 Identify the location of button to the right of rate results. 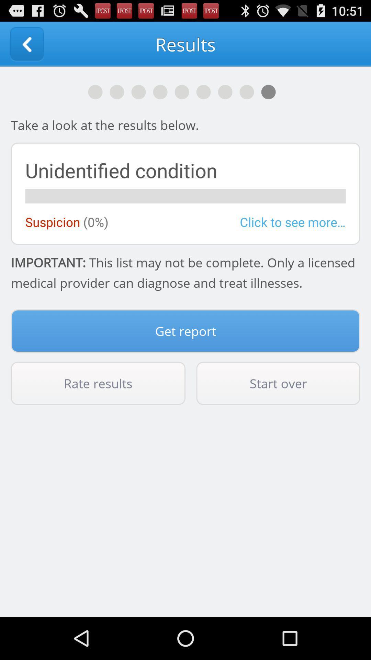
(278, 383).